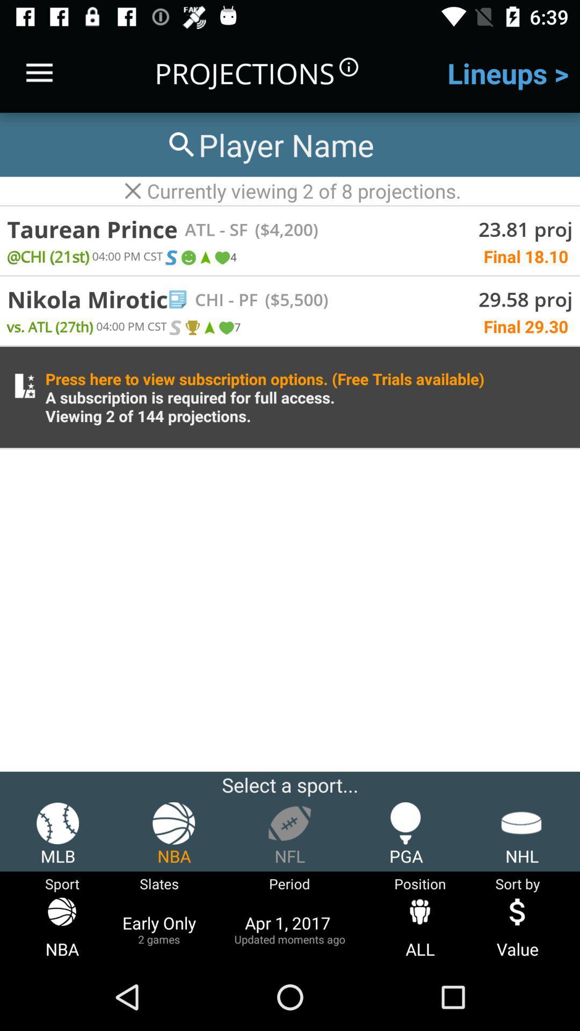 This screenshot has height=1031, width=580. Describe the element at coordinates (269, 144) in the screenshot. I see `a player name` at that location.